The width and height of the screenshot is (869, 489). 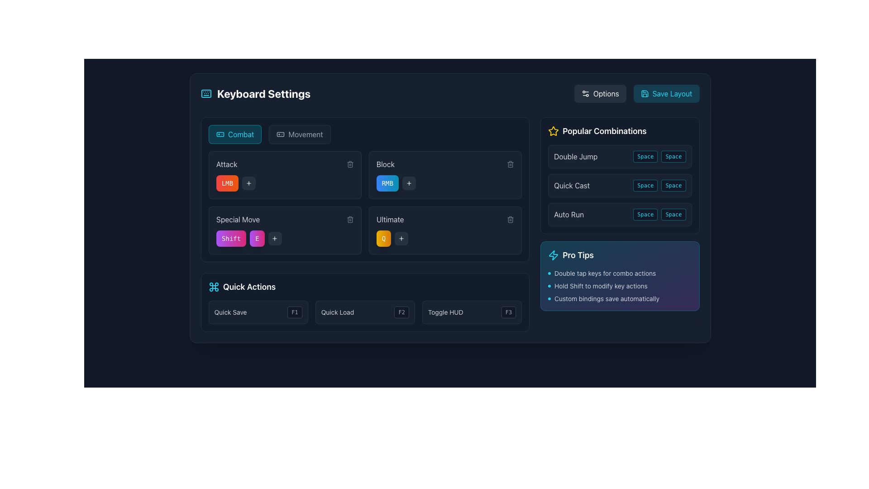 What do you see at coordinates (205, 94) in the screenshot?
I see `the 'Keyboard Settings' icon located to the left of the 'Keyboard Settings' title in the top-left area of the main content` at bounding box center [205, 94].